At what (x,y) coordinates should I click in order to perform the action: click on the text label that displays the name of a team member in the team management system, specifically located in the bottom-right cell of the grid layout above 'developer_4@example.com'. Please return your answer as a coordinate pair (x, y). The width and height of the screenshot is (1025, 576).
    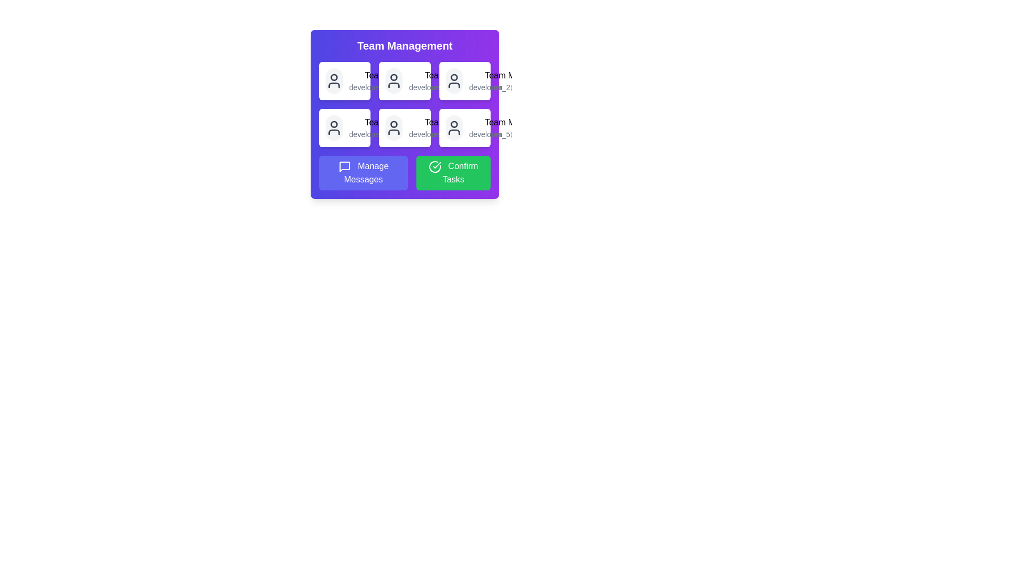
    Looking at the image, I should click on (455, 122).